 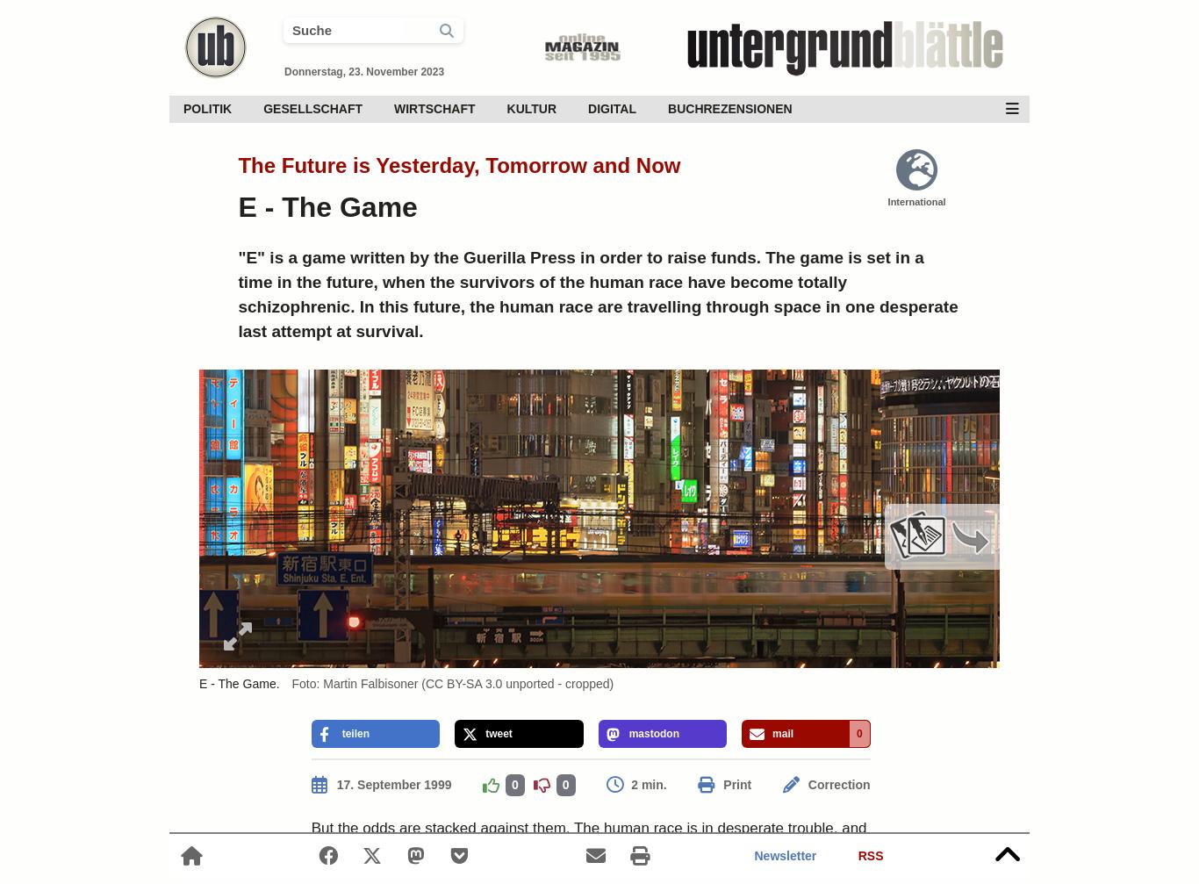 What do you see at coordinates (418, 683) in the screenshot?
I see `'(CC BY-SA 3.0 unported - cropped)'` at bounding box center [418, 683].